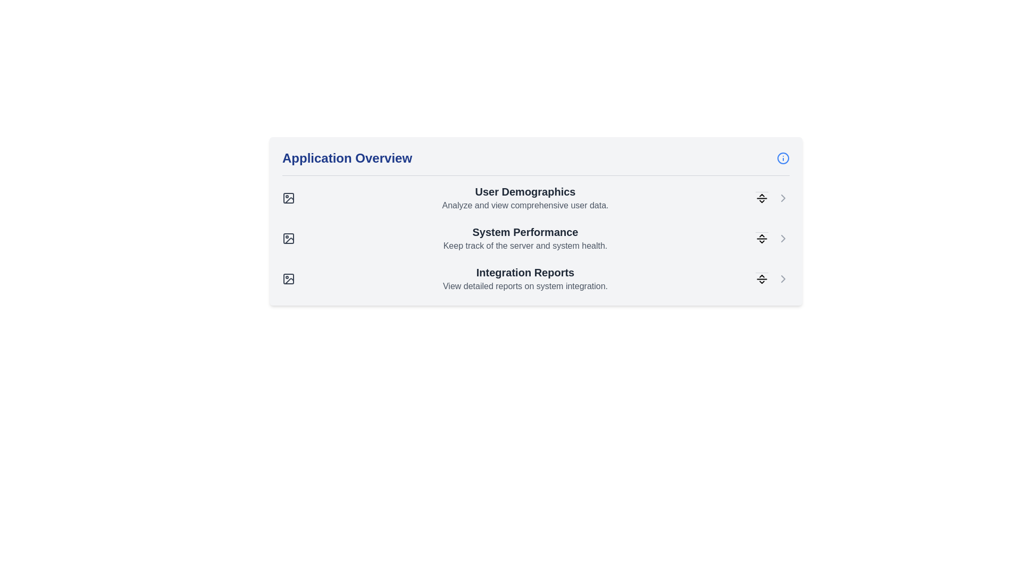  Describe the element at coordinates (536, 198) in the screenshot. I see `the list item titled 'User Demographics', which has a bold heading and a subtitle` at that location.